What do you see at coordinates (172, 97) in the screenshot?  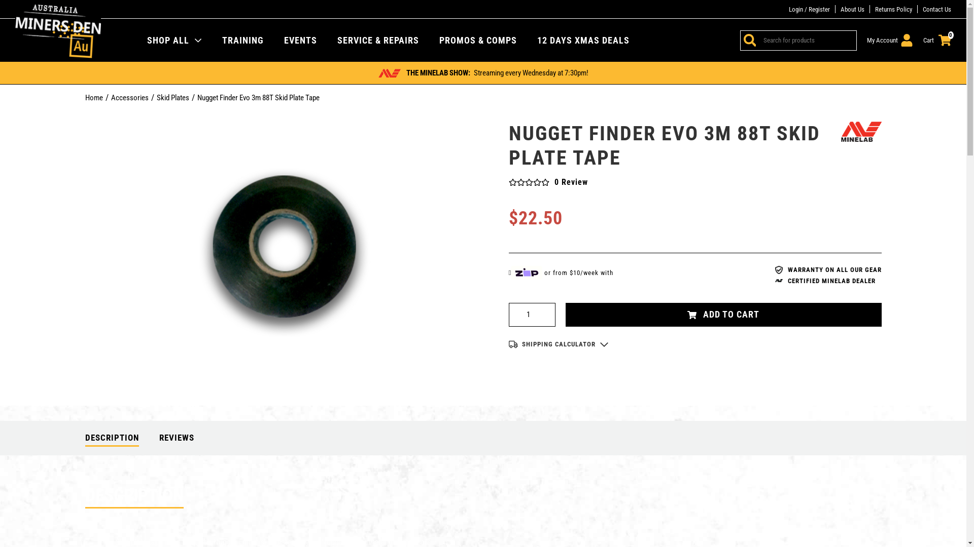 I see `'Skid Plates'` at bounding box center [172, 97].